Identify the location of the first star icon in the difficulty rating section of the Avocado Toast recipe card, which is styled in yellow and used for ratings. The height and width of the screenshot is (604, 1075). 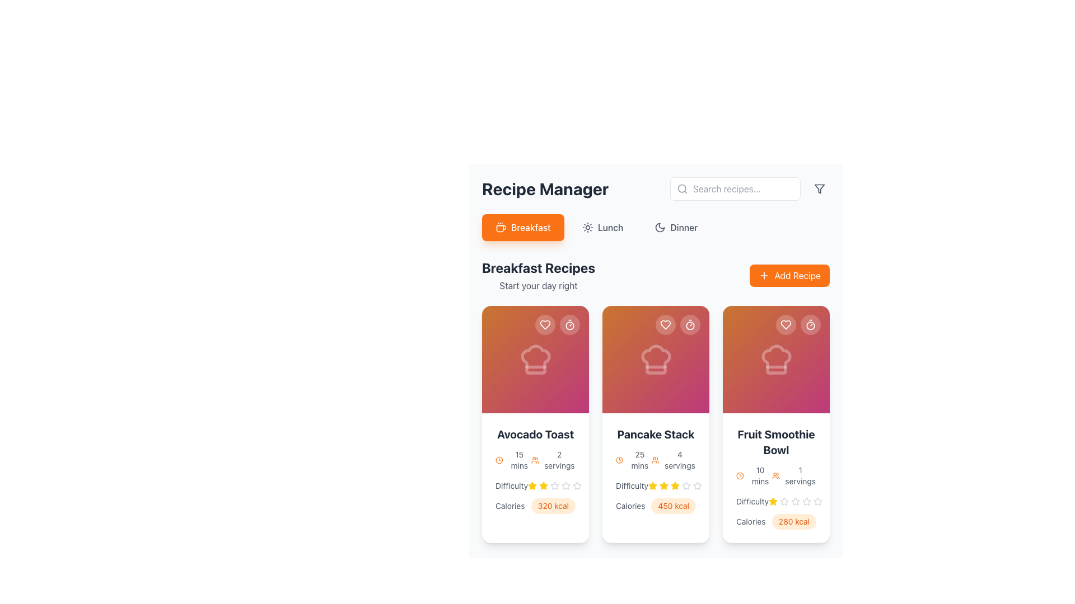
(543, 485).